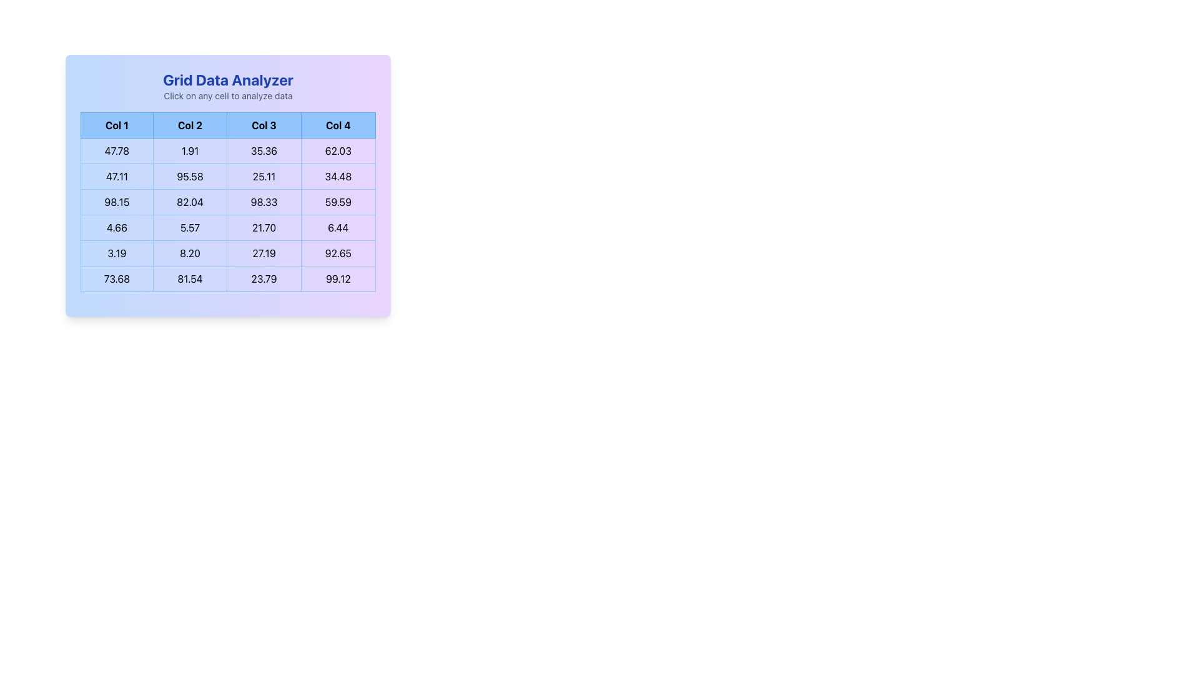 Image resolution: width=1199 pixels, height=674 pixels. Describe the element at coordinates (338, 176) in the screenshot. I see `the grid cell displaying the numerical value '34.48'` at that location.